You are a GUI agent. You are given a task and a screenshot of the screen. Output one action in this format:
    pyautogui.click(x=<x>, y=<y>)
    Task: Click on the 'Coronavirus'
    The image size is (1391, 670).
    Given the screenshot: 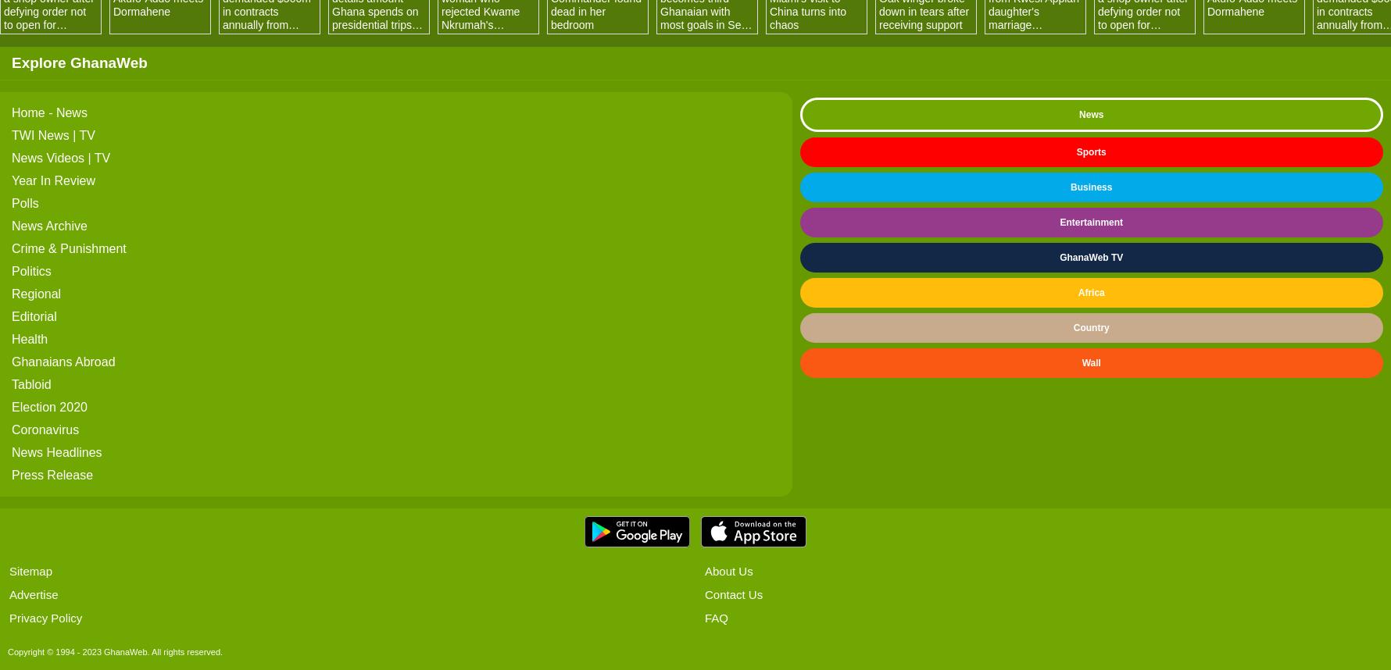 What is the action you would take?
    pyautogui.click(x=45, y=429)
    